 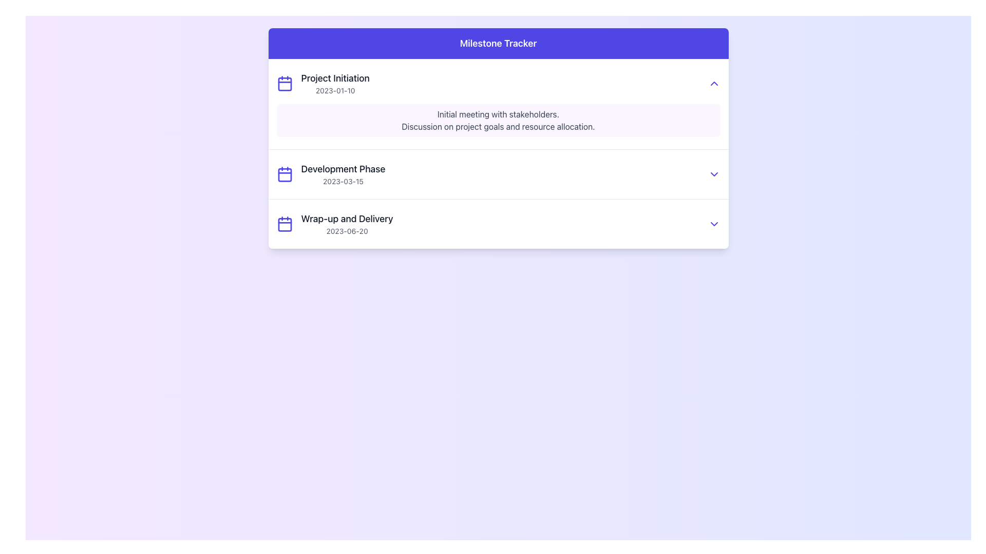 What do you see at coordinates (285, 223) in the screenshot?
I see `the calendar icon element next to the event 'Wrap-up and Delivery' with the date '2023-06-20'` at bounding box center [285, 223].